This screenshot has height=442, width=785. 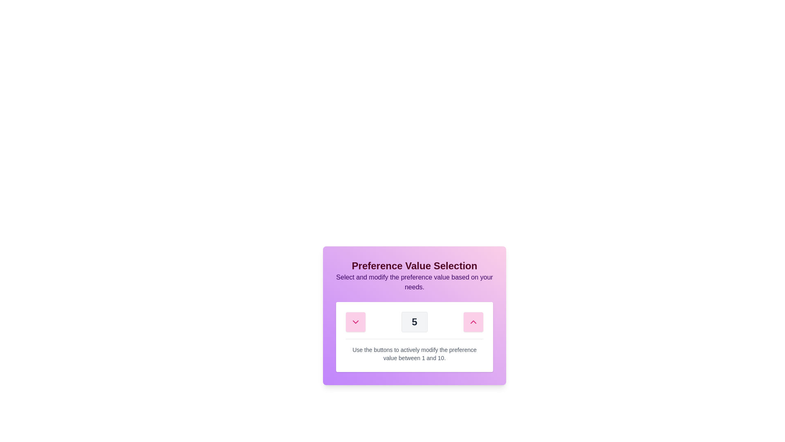 I want to click on descriptive text block that is centrally aligned, gray-colored, and states: 'Use the buttons to actively modify the preference value between 1 and 10.' This text block is located below the number '5' and the upward and downward arrow buttons, so click(x=414, y=350).